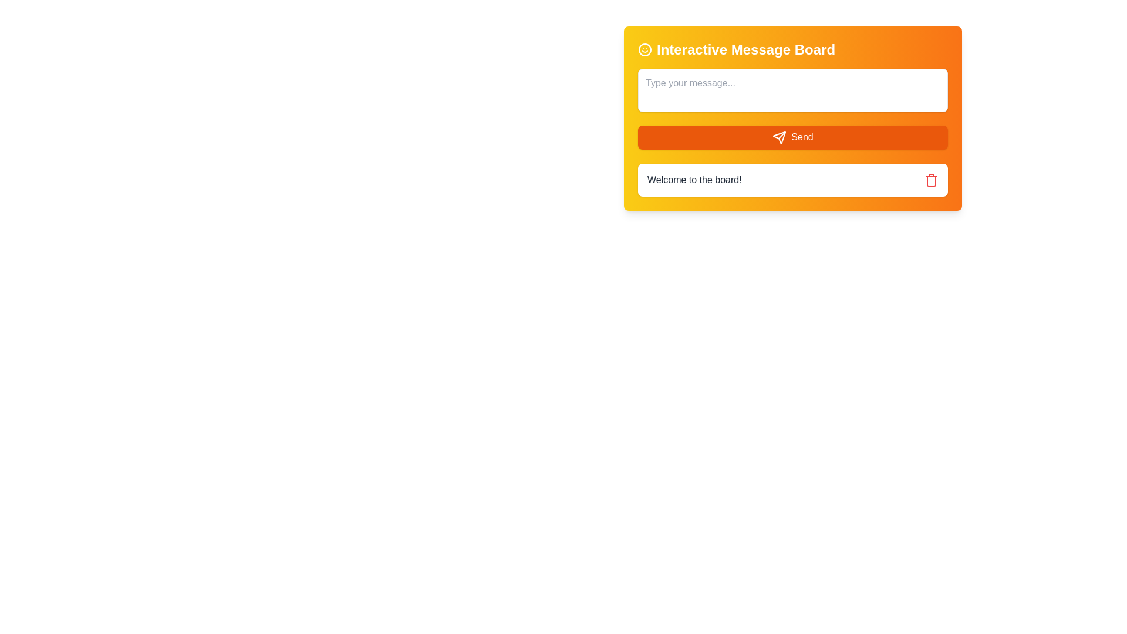  I want to click on the delete icon button located in the lower-right corner of the white background containing the text 'Welcome to the board!', so click(931, 179).